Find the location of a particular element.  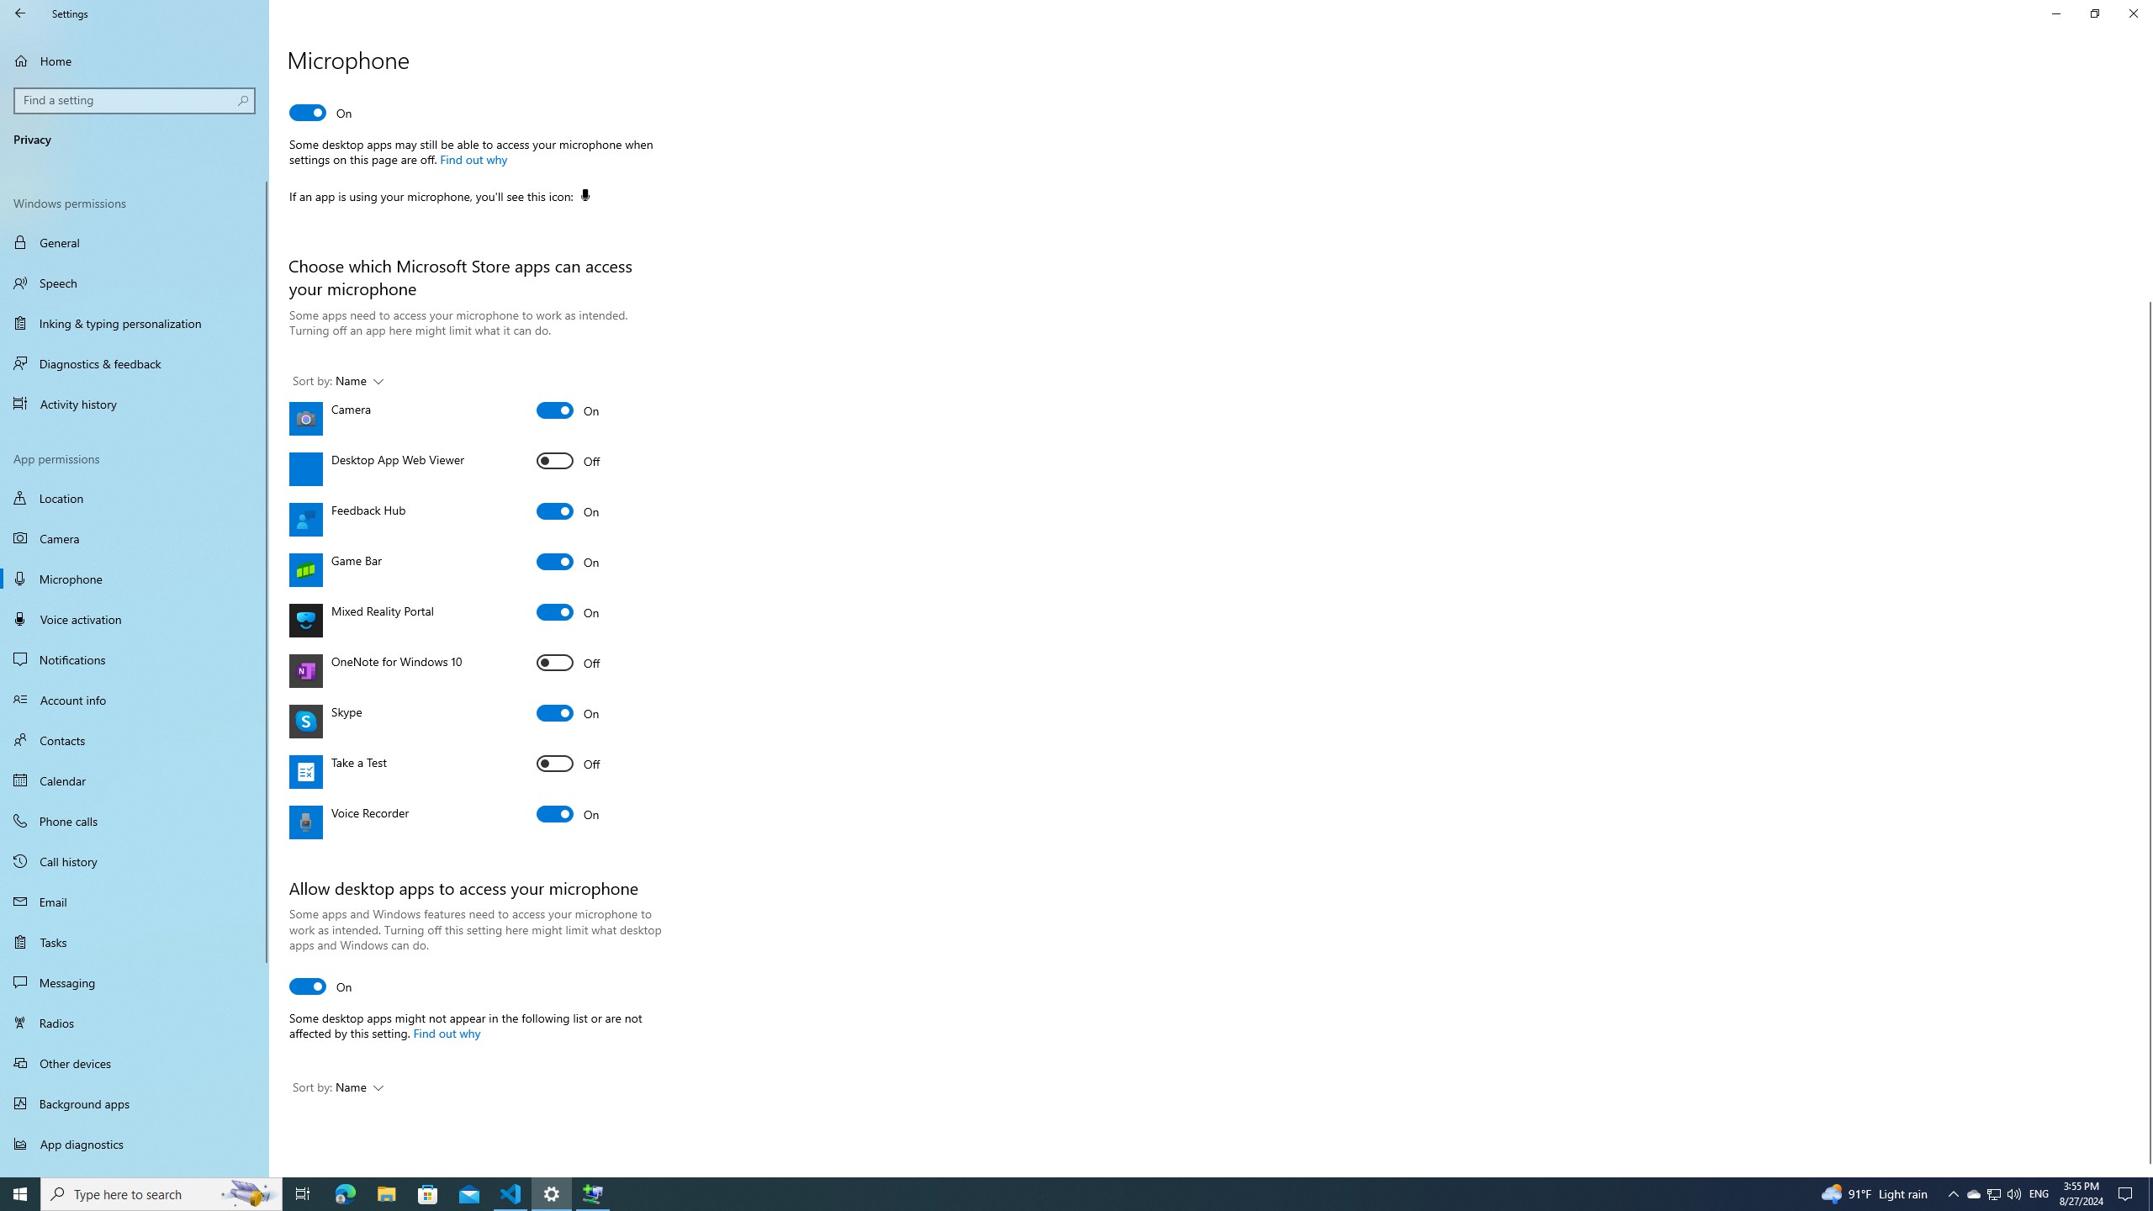

'Sort by: Name' is located at coordinates (336, 1088).